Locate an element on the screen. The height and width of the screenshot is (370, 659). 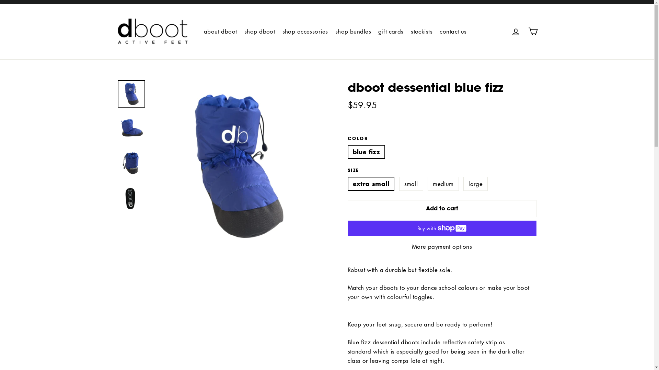
'Skip to content' is located at coordinates (0, 0).